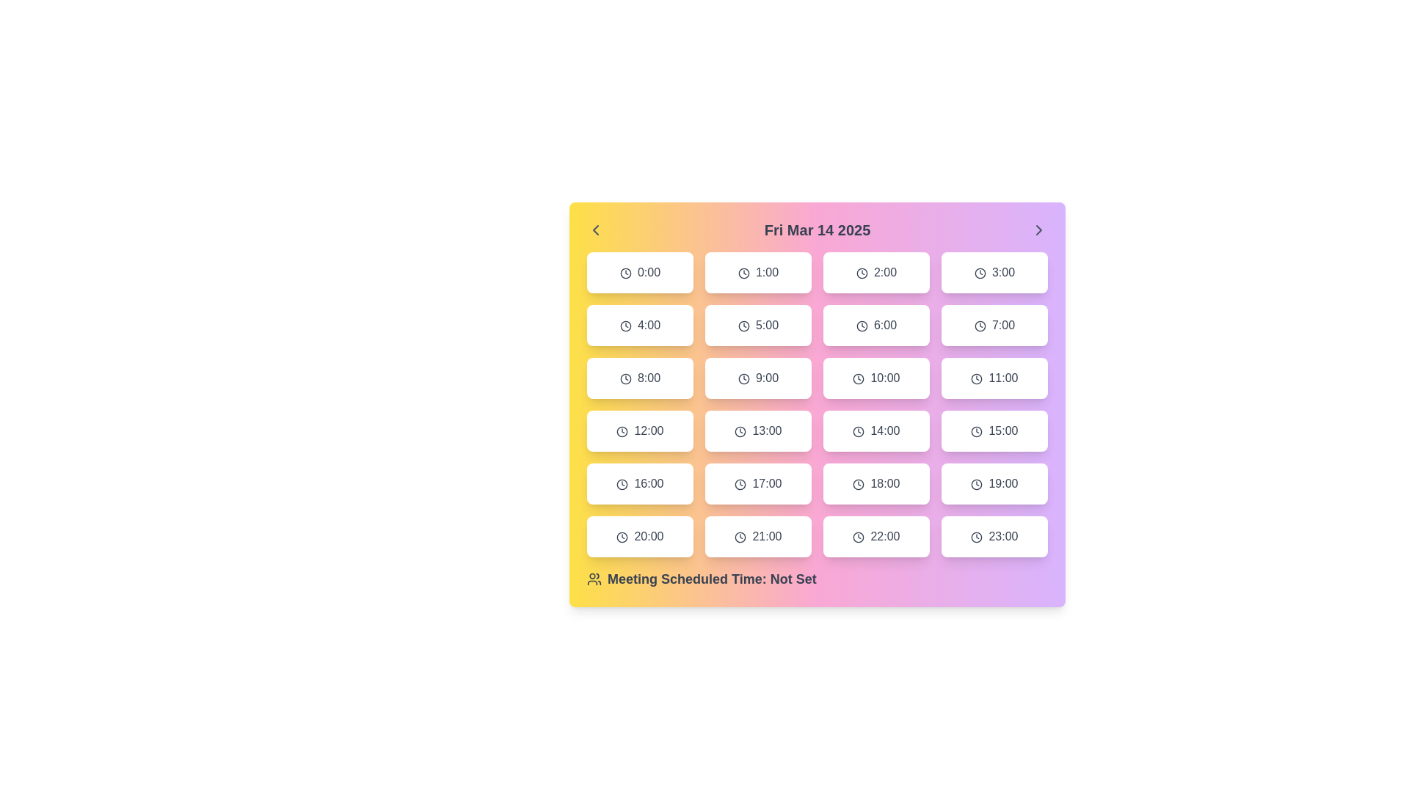  Describe the element at coordinates (977, 430) in the screenshot. I see `the time representation icon located to the left of the '15:00' label in the schedule interface` at that location.